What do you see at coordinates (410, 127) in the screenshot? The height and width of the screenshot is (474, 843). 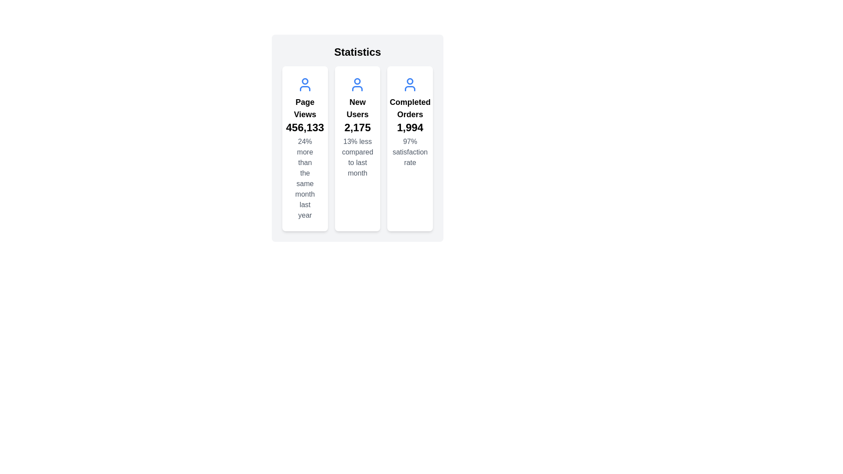 I see `the numeric text '1,994' within the 'Completed Orders' section, which is styled with a bold and large font` at bounding box center [410, 127].